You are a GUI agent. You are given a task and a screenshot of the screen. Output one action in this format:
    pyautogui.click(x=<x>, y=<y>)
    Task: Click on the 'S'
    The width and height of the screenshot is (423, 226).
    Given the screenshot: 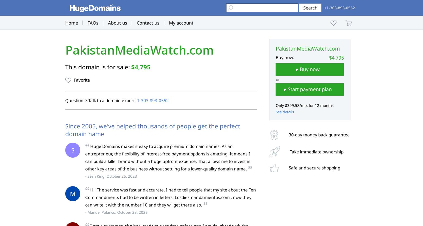 What is the action you would take?
    pyautogui.click(x=70, y=150)
    